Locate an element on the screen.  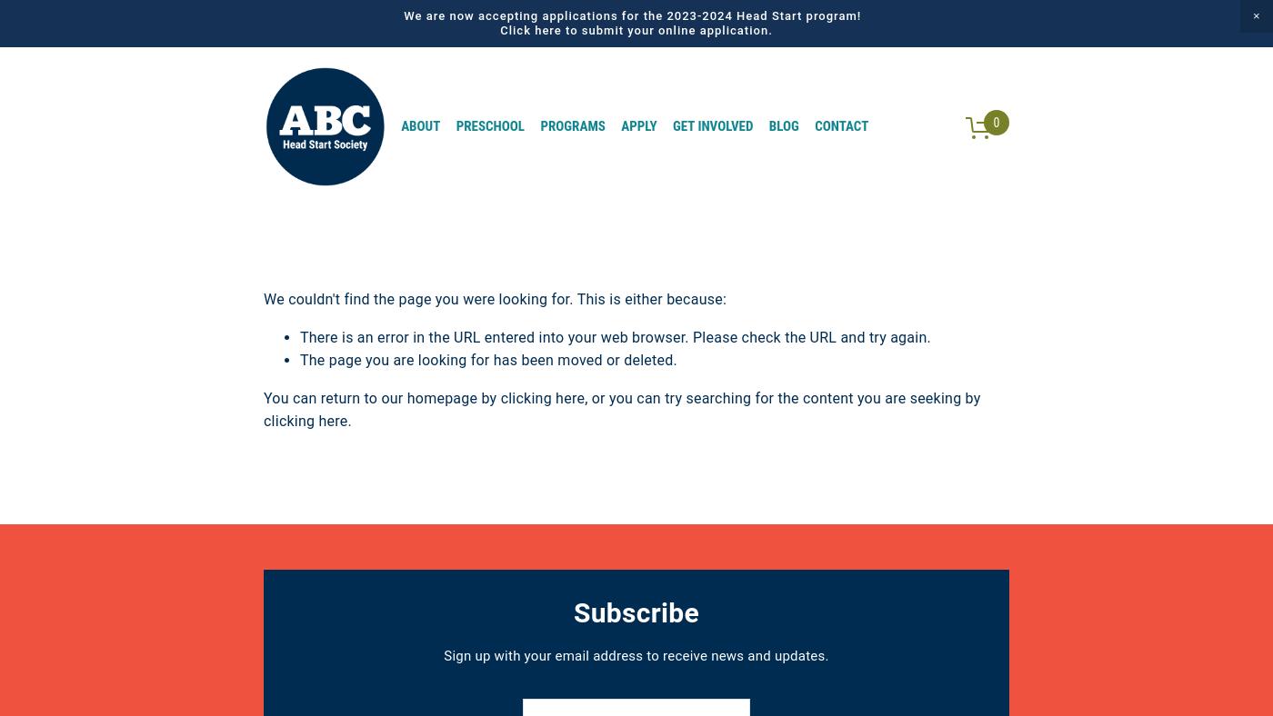
'We are now accepting applications for the 2023-2024 Head Start program!' is located at coordinates (636, 15).